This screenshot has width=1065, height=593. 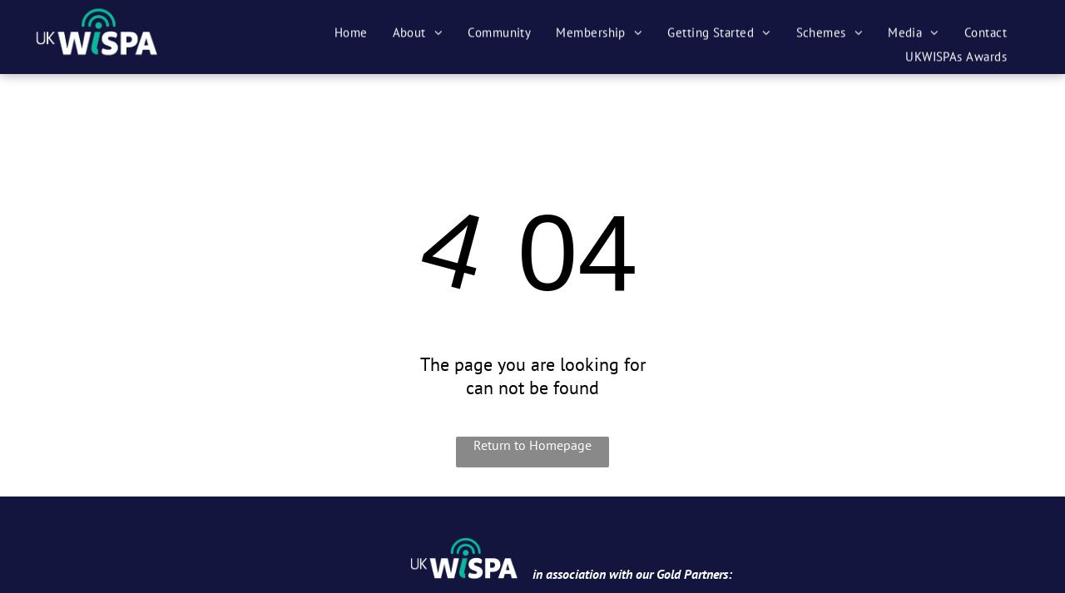 What do you see at coordinates (620, 53) in the screenshot?
I see `'Become a Member'` at bounding box center [620, 53].